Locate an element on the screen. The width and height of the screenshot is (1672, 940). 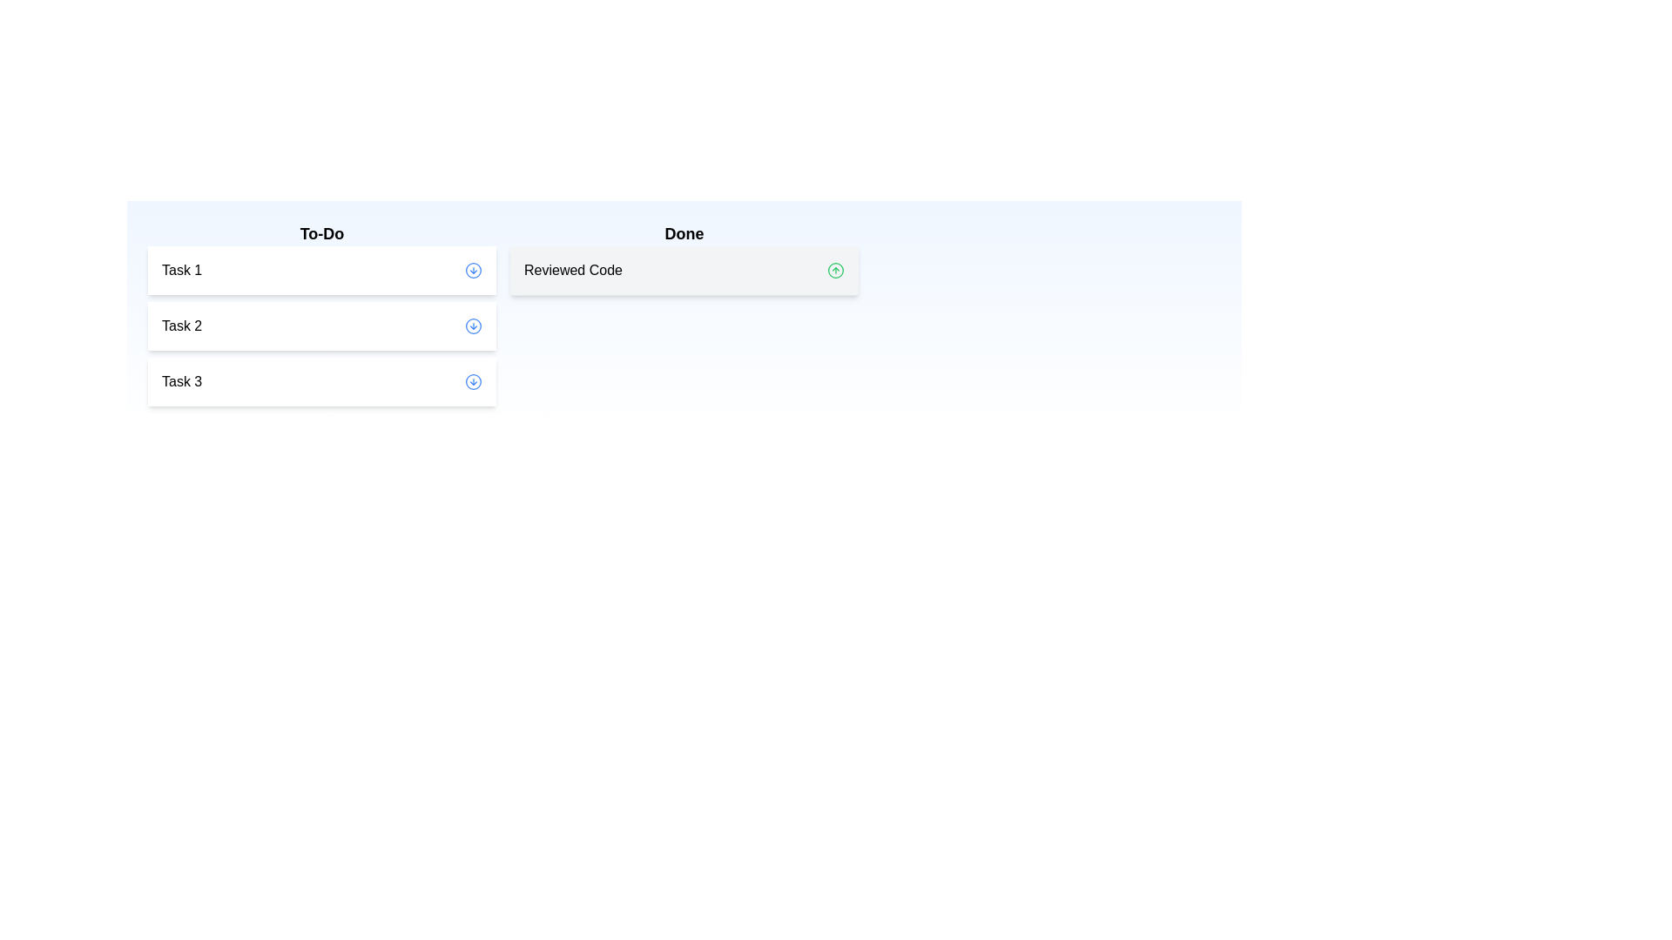
down arrow button next to Task 3 in the 'To-Do' list to move it to the 'Done' list is located at coordinates (473, 381).